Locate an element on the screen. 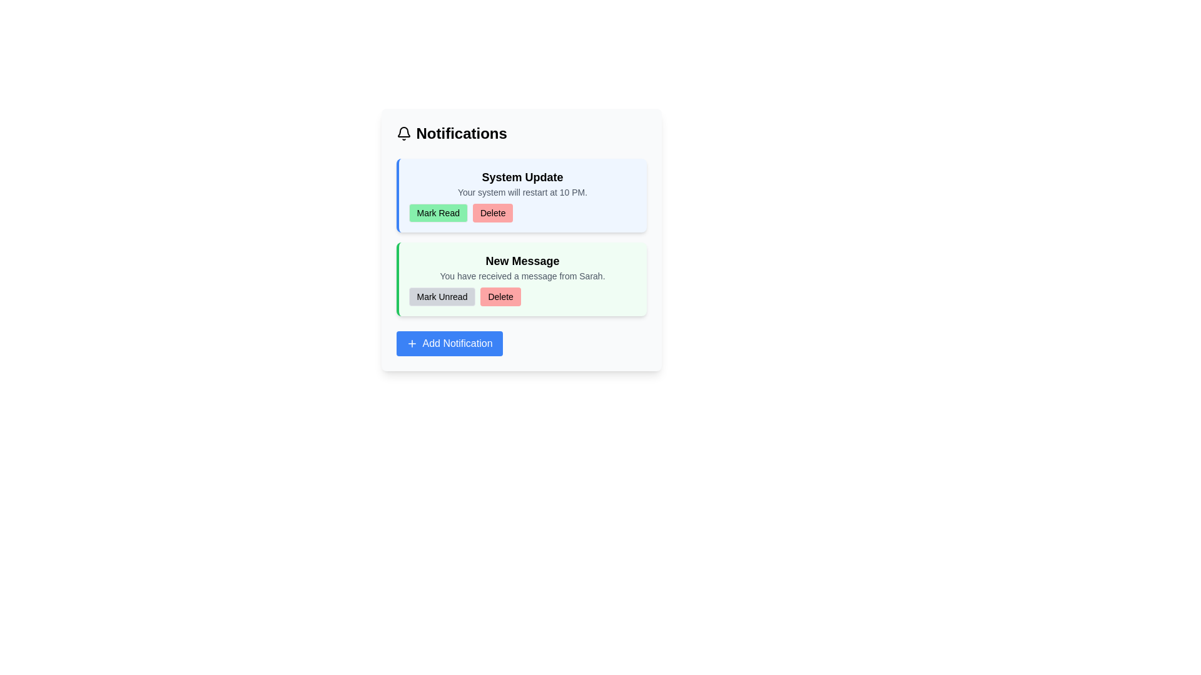 This screenshot has height=675, width=1201. text label that says 'Your system will restart at 10 PM.' located below the title 'System Update' in the notification box is located at coordinates (522, 192).